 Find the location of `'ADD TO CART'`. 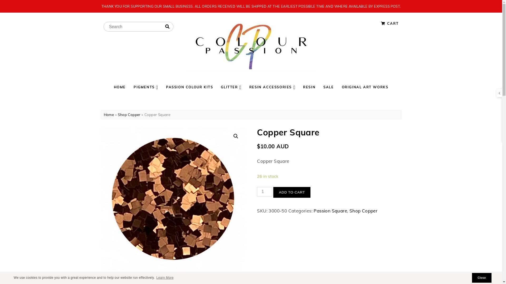

'ADD TO CART' is located at coordinates (291, 192).